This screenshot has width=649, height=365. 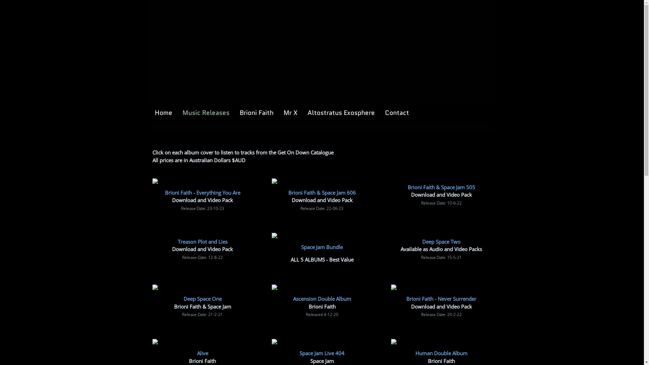 I want to click on 'Brioni Faith - Never Surrender', so click(x=406, y=298).